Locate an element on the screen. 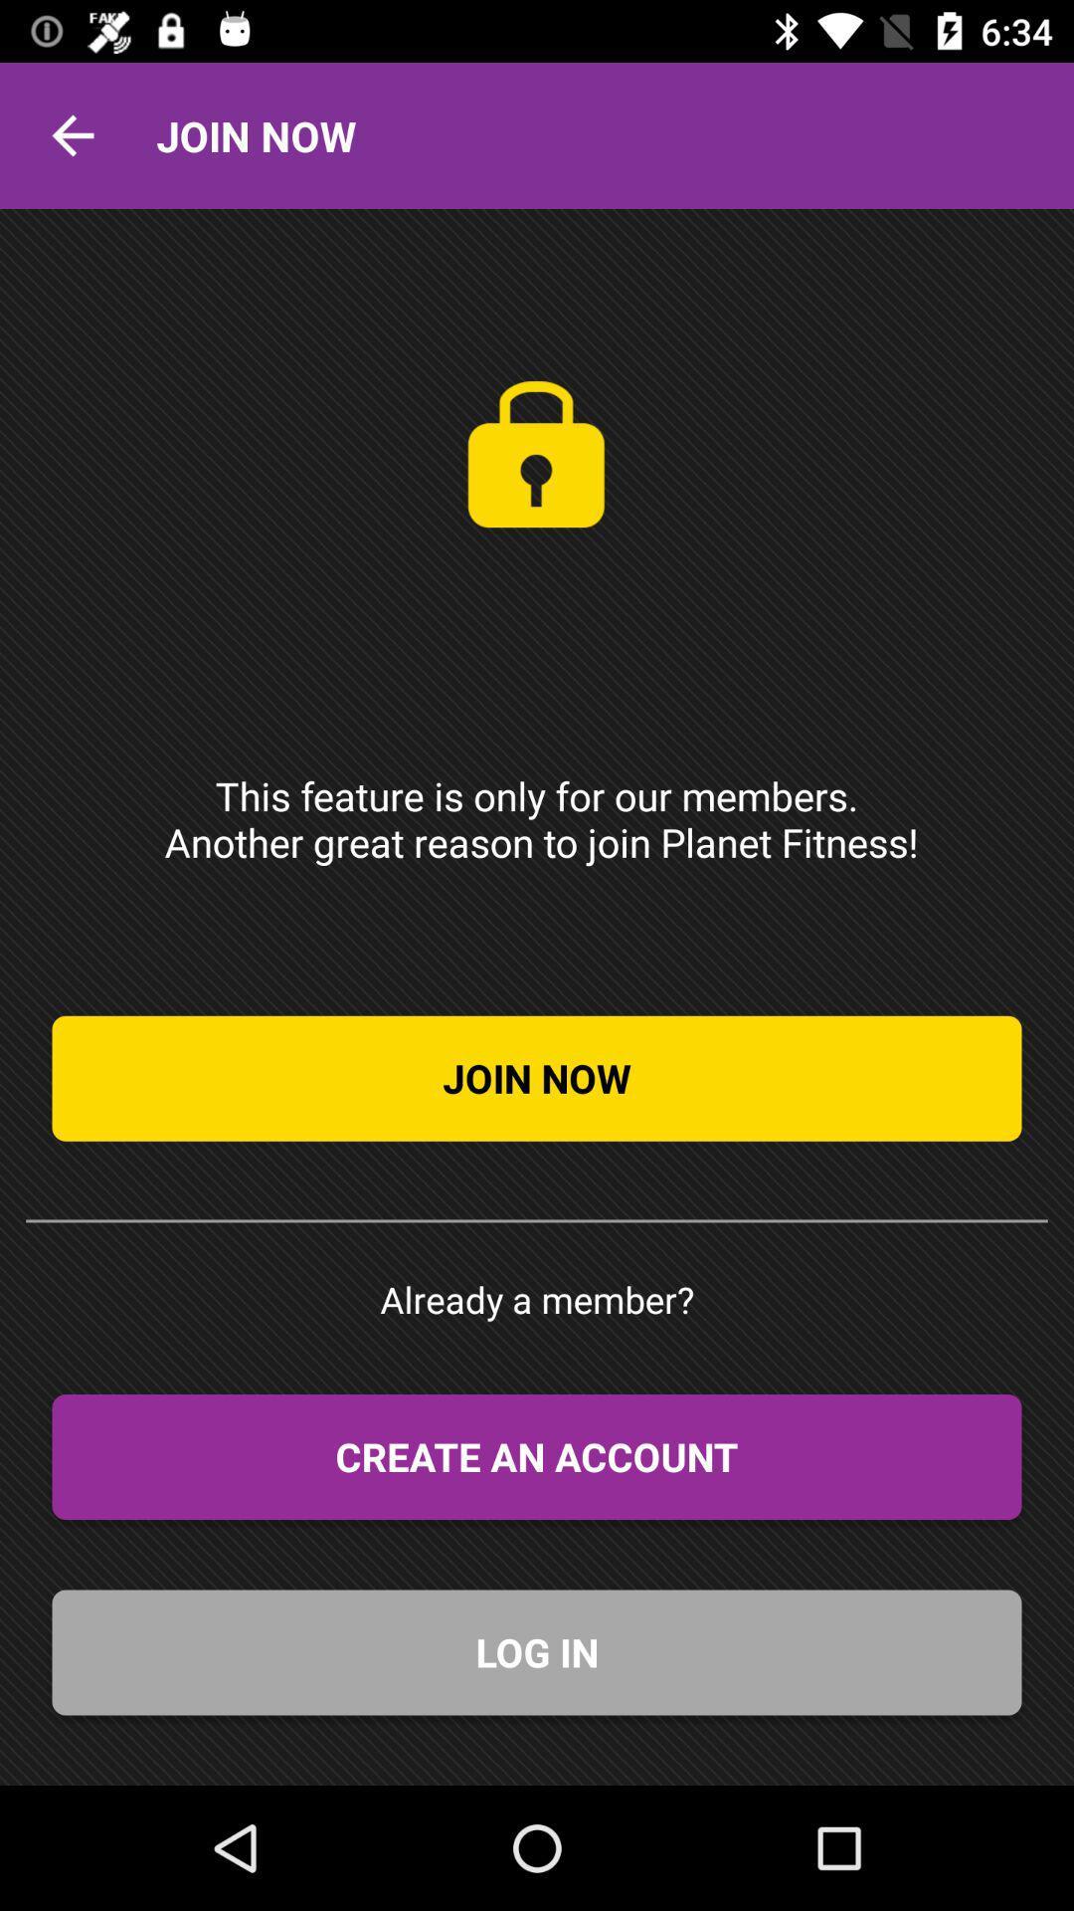  item above the log in icon is located at coordinates (537, 1457).